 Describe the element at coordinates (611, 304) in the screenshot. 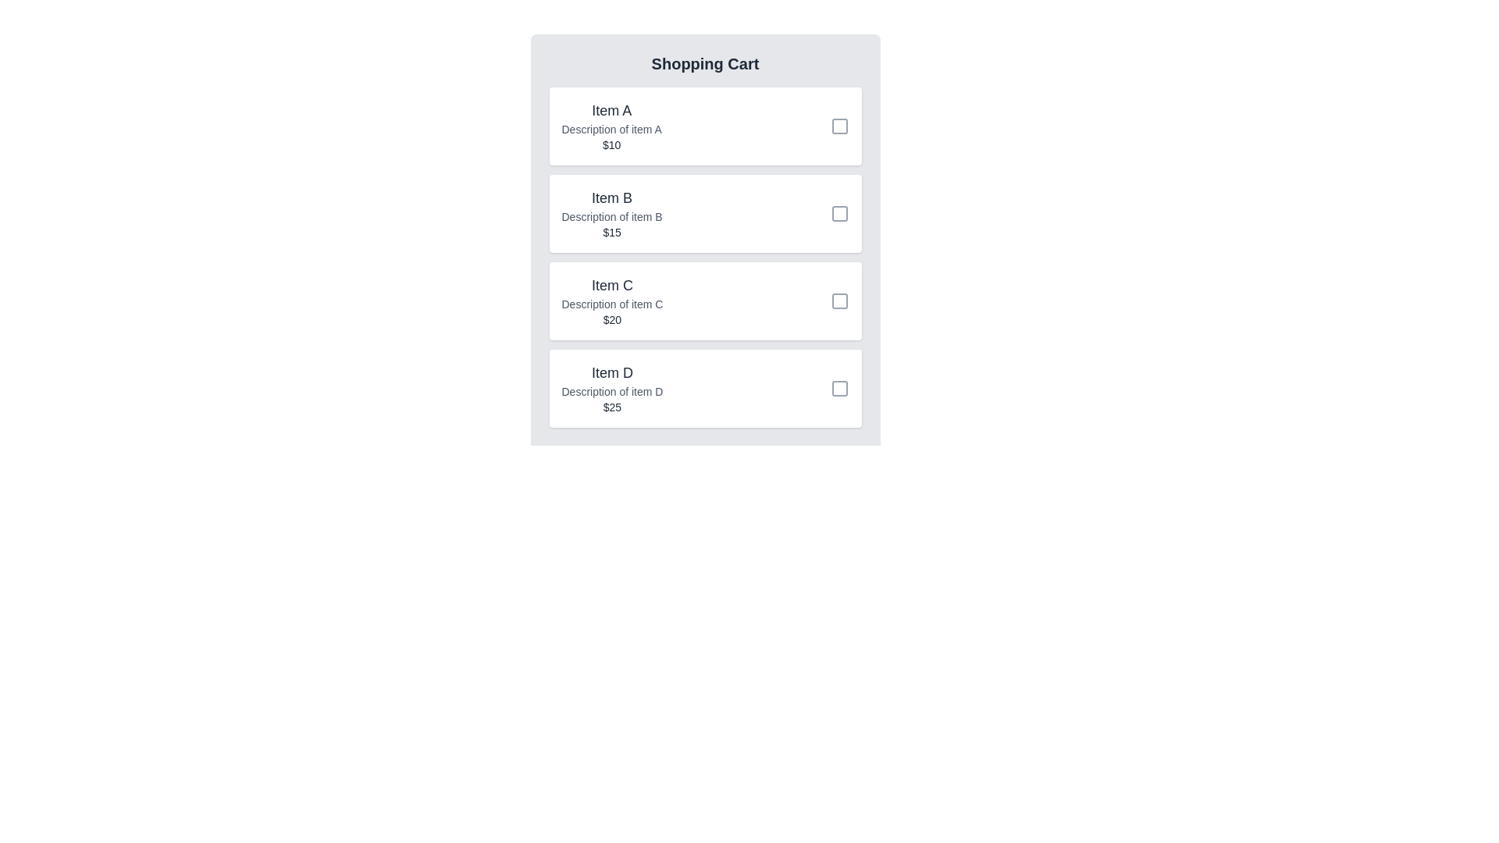

I see `the descriptive text element reading 'Description of item C', which is styled in a small font size and light gray color, located in the third card of the 'Shopping Cart' list, positioned between the title 'Item C' and the price '$20'` at that location.